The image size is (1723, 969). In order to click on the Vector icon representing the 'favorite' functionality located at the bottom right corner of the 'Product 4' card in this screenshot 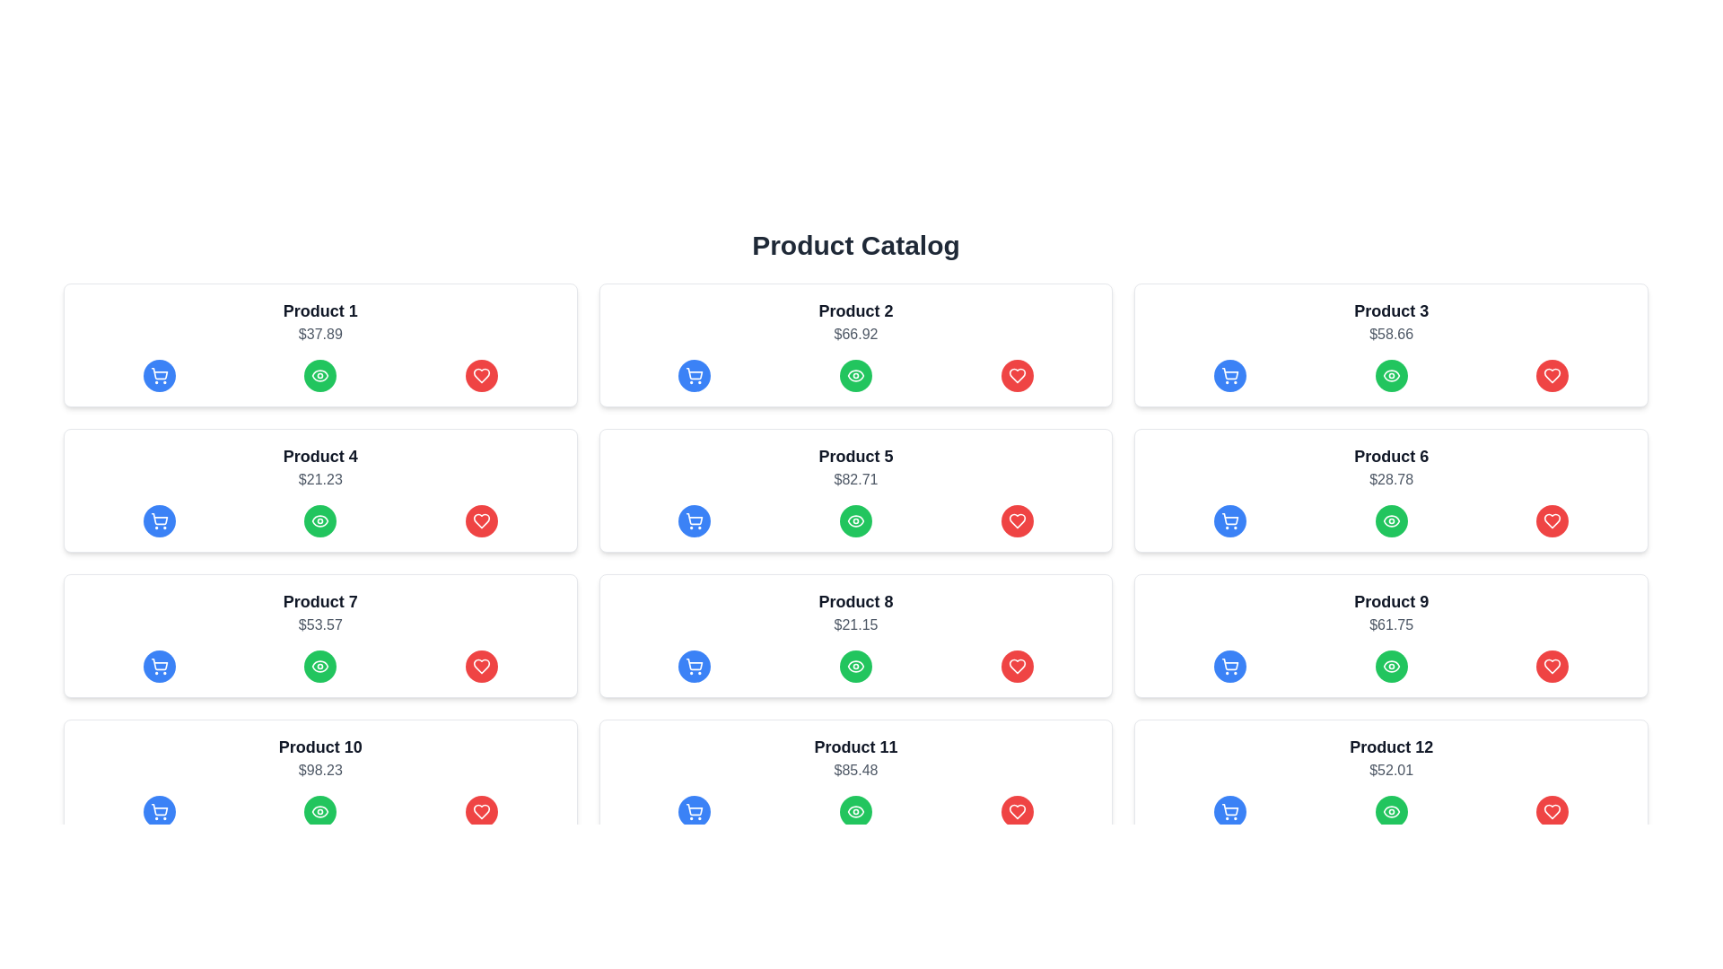, I will do `click(481, 375)`.